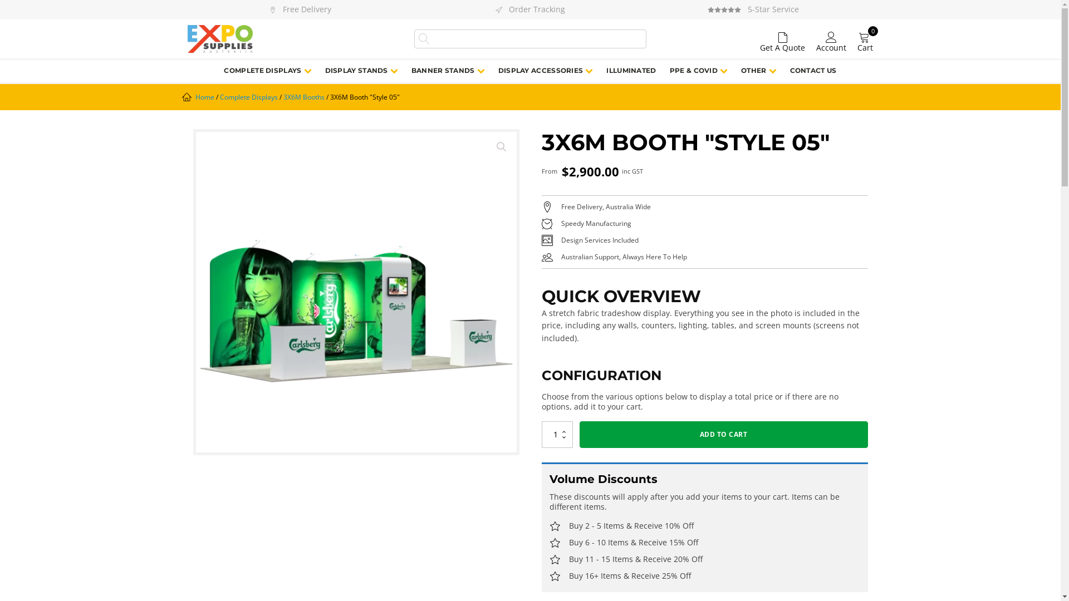  Describe the element at coordinates (355, 291) in the screenshot. I see `'3X6M Tradeshow Booth - Style 05'` at that location.